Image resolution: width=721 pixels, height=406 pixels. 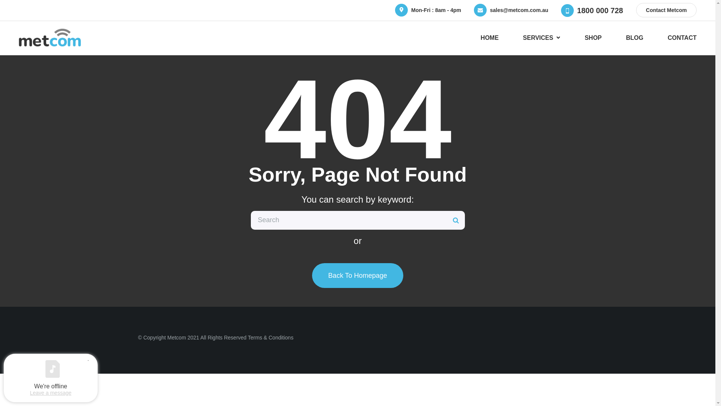 What do you see at coordinates (634, 38) in the screenshot?
I see `'BLOG'` at bounding box center [634, 38].